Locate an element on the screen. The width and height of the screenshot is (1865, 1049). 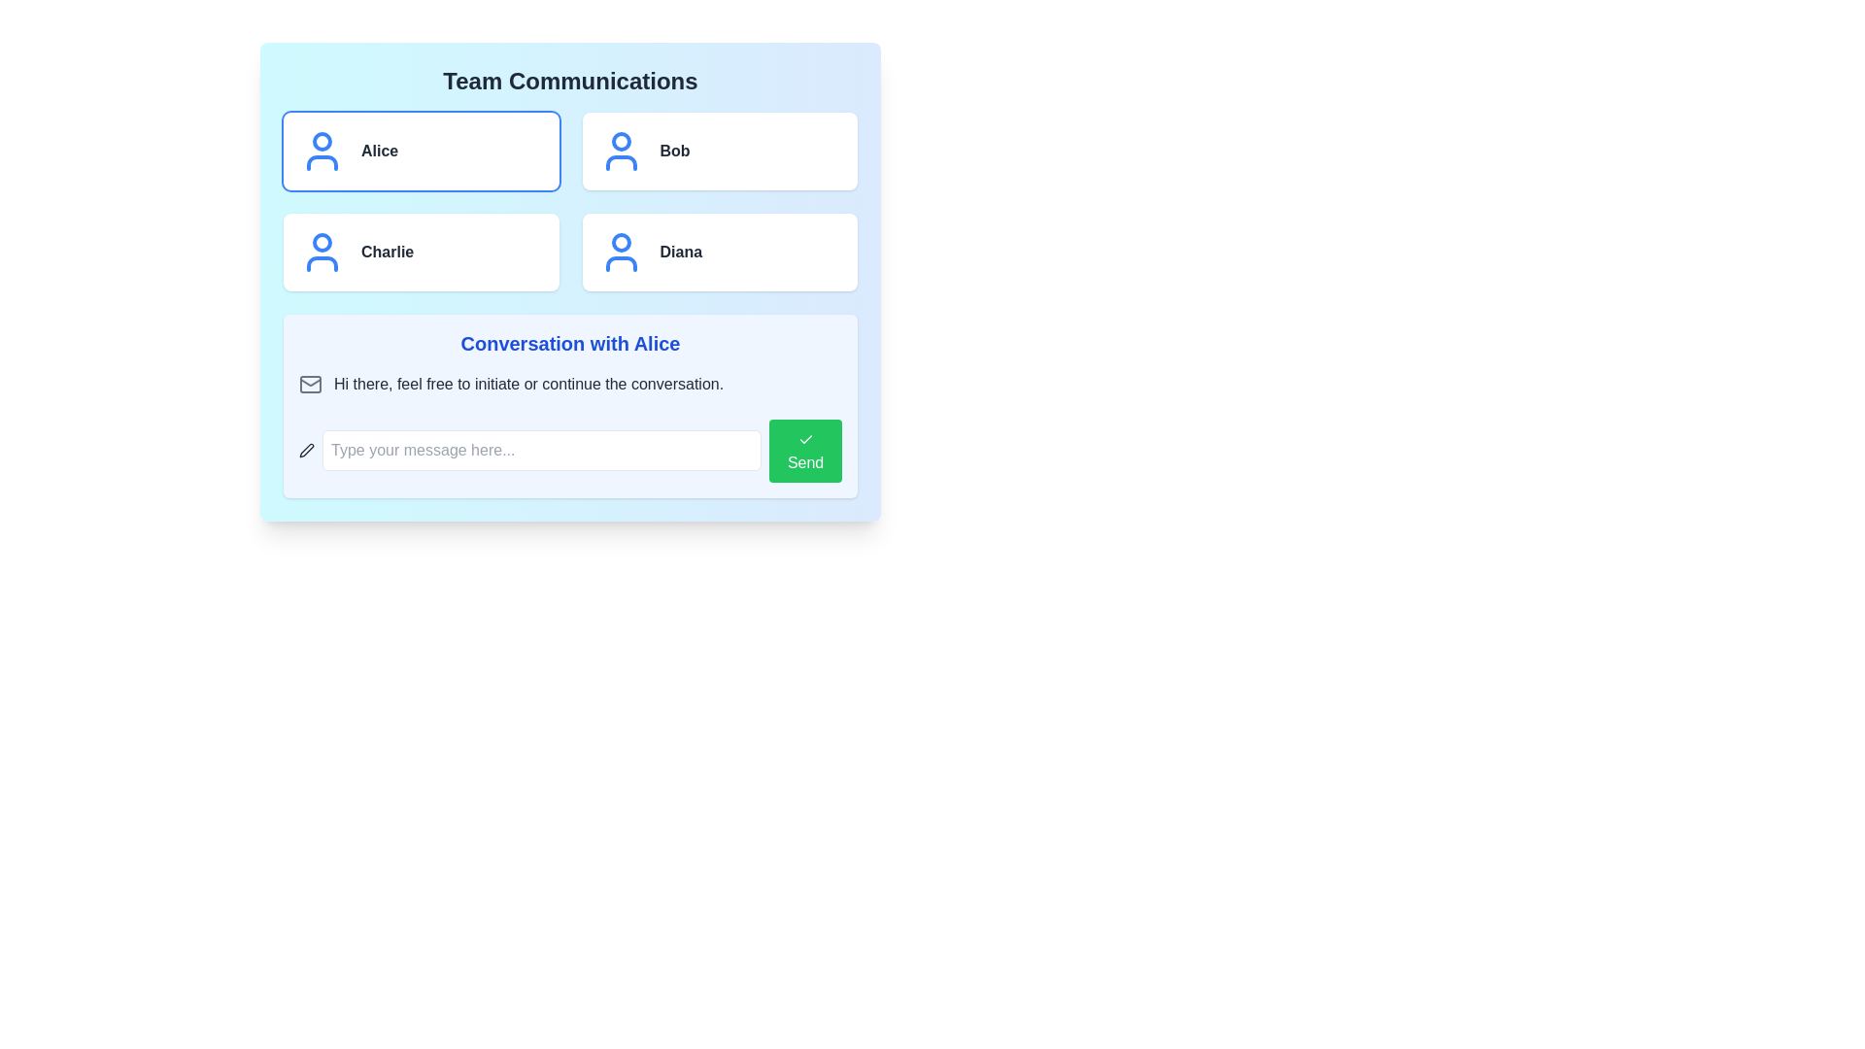
the user icon associated with the 'Bob' button located in the top row, second column of the 'Team Communications' grid is located at coordinates (620, 150).